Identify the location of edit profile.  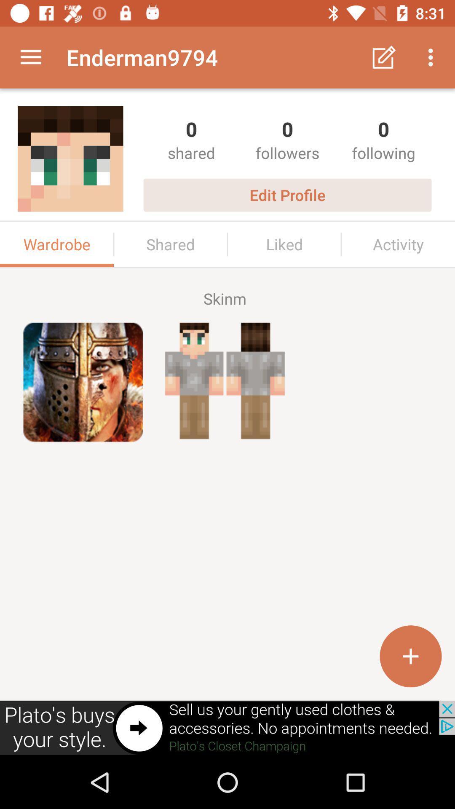
(287, 194).